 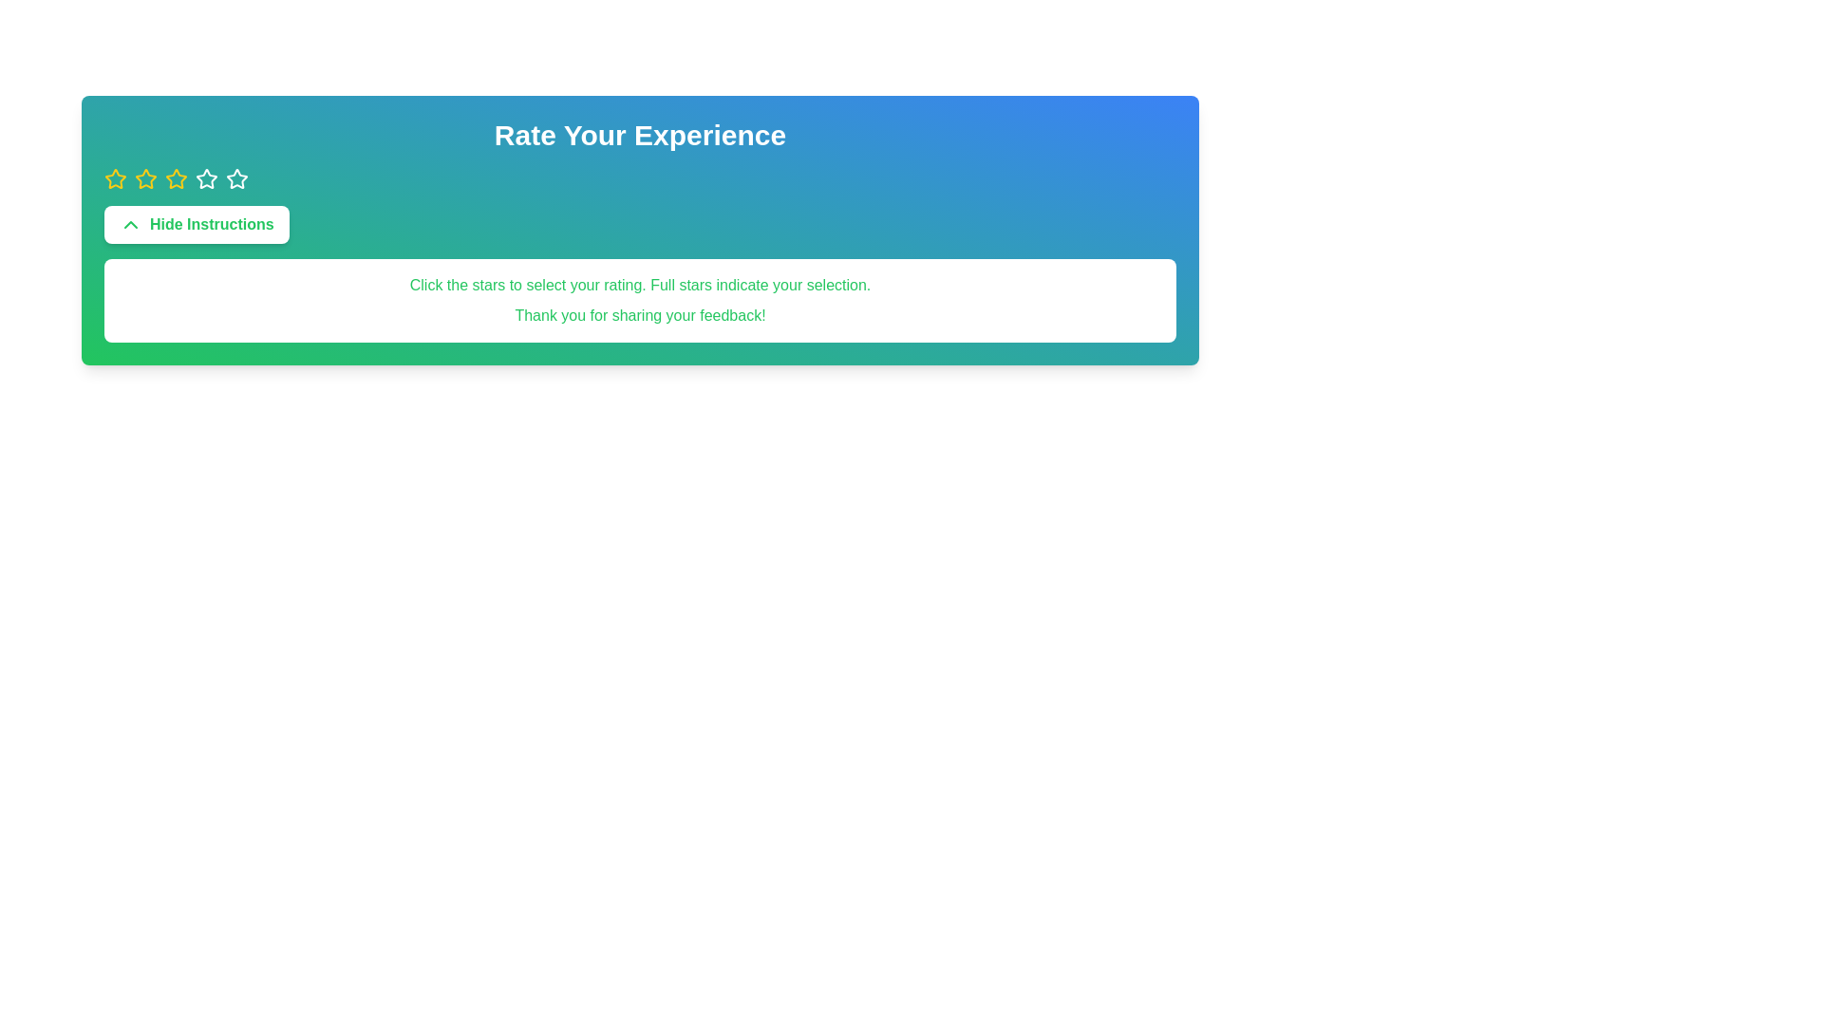 What do you see at coordinates (177, 178) in the screenshot?
I see `the second star icon in the rating system for visual feedback` at bounding box center [177, 178].